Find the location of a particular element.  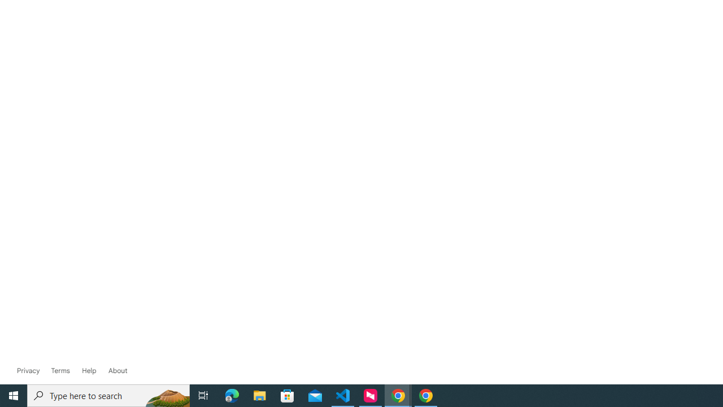

'Learn more about Google Account' is located at coordinates (117, 370).